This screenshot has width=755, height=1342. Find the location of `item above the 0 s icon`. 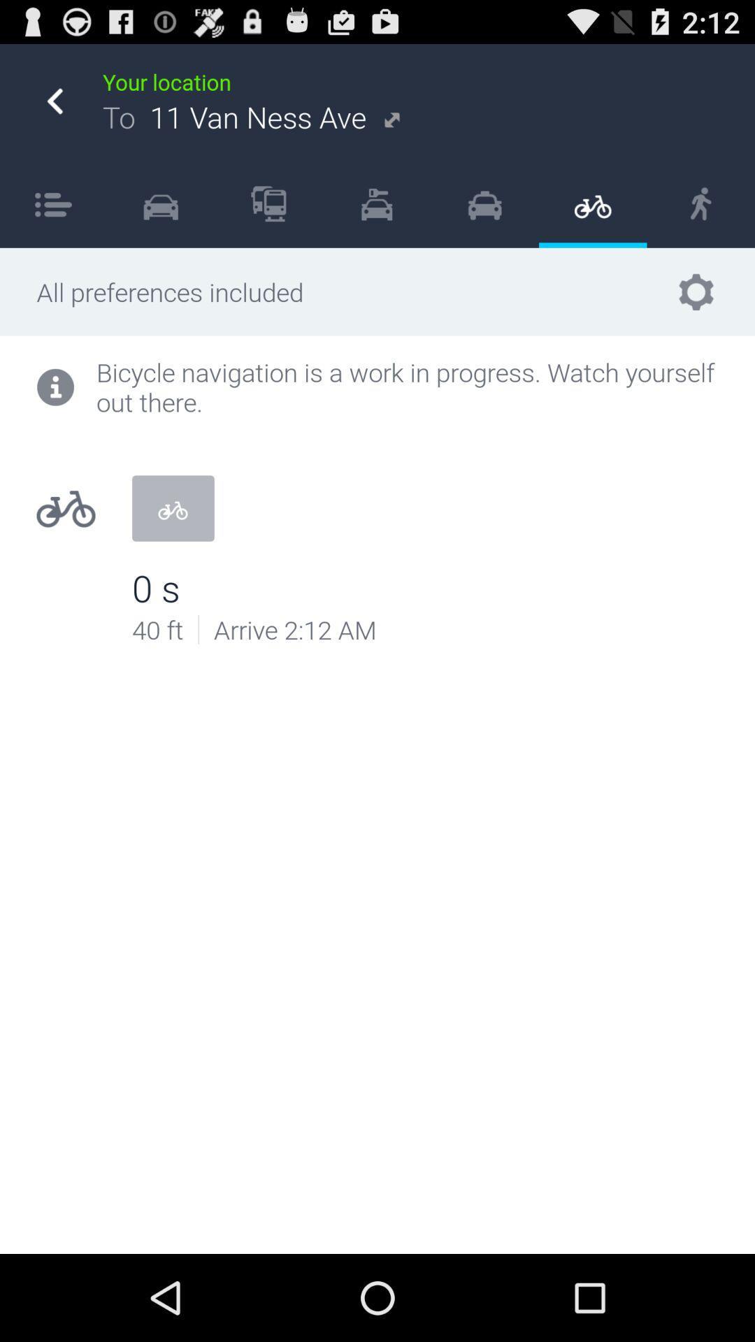

item above the 0 s icon is located at coordinates (172, 507).